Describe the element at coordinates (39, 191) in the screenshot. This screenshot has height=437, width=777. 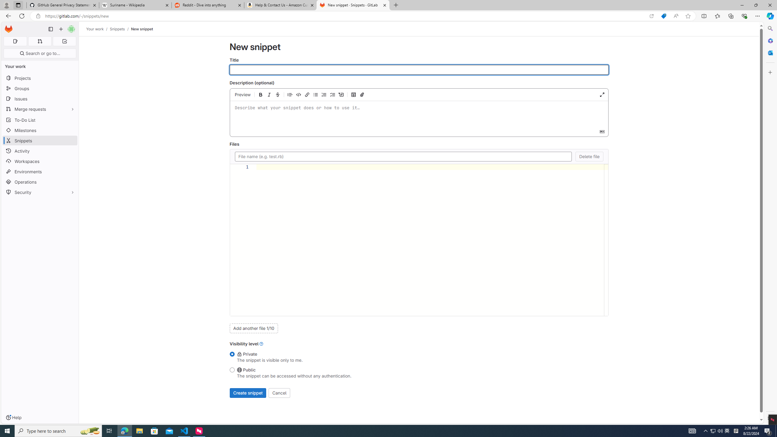
I see `'Security'` at that location.